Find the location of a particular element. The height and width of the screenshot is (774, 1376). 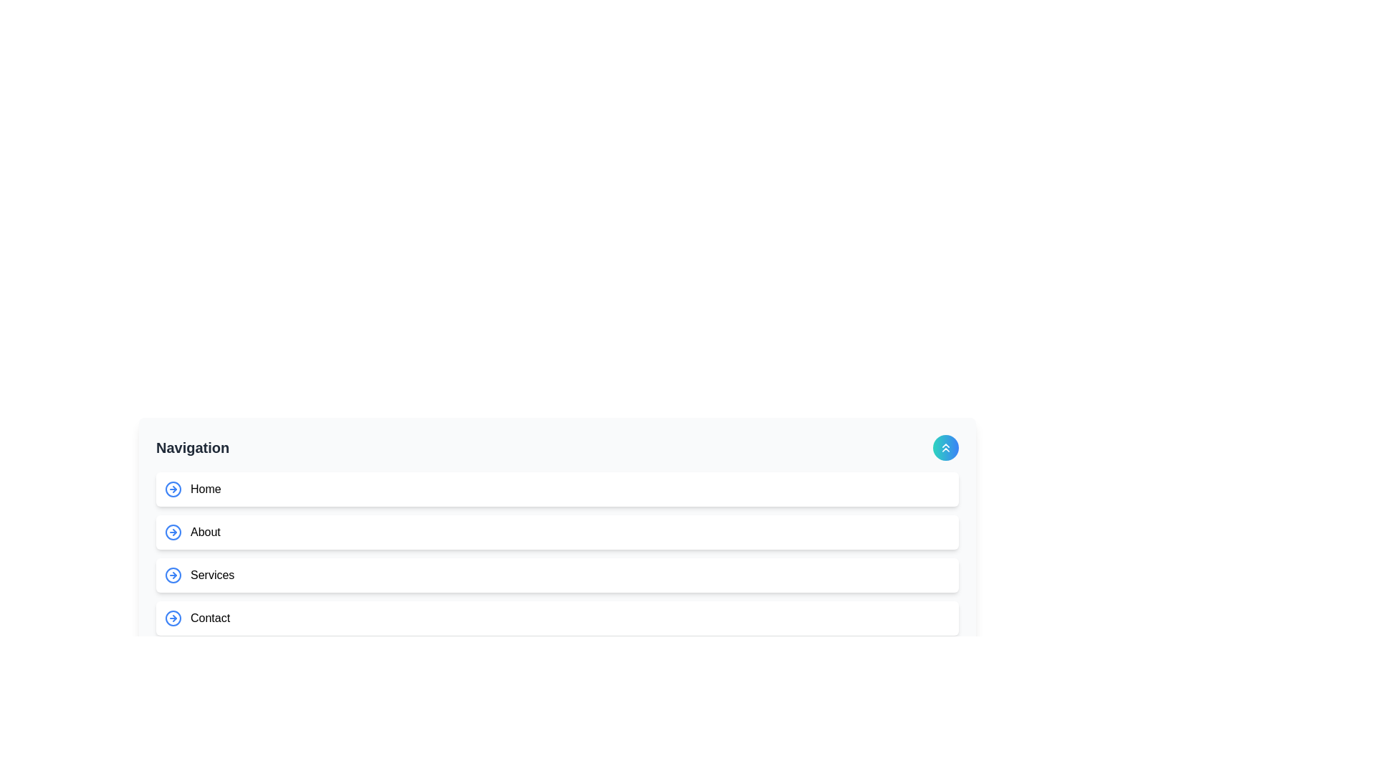

the upward movement icon located inside a circular button with a blue gradient background in the top-right corner of the navigation section is located at coordinates (946, 446).